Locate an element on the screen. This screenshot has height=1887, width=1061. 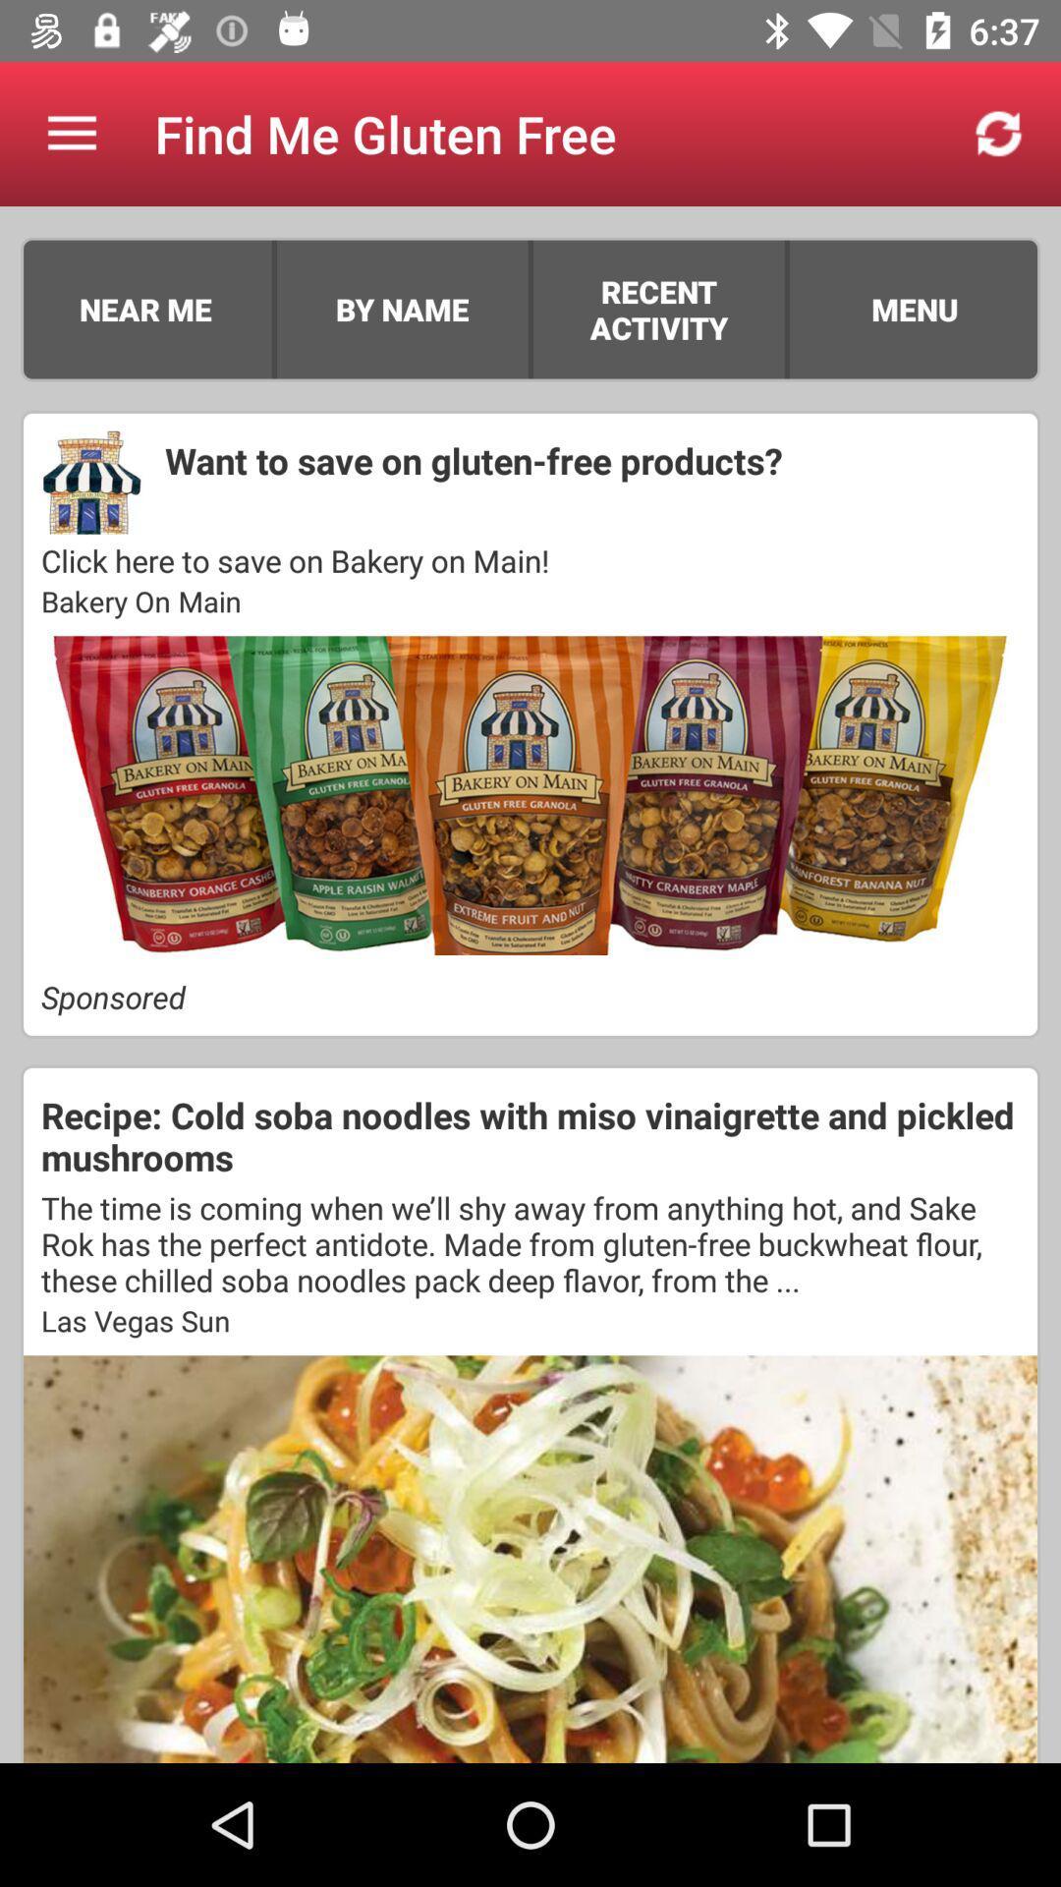
icon below sponsored is located at coordinates (530, 1136).